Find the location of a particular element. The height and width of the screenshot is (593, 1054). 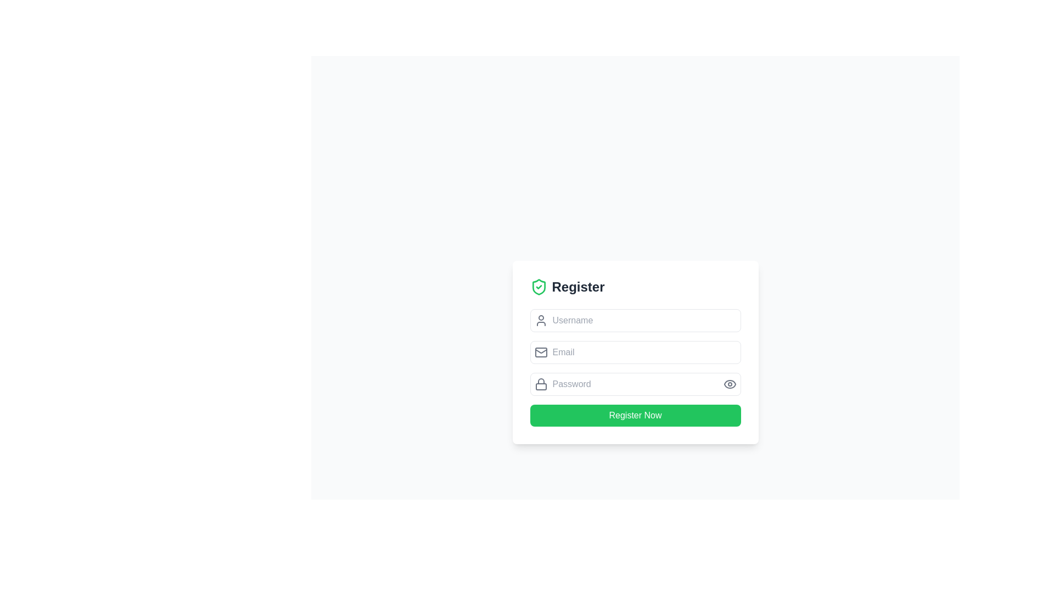

the decorative icon indicating safety or successful completion located at the top-left corner of the 'Register' heading is located at coordinates (539, 287).